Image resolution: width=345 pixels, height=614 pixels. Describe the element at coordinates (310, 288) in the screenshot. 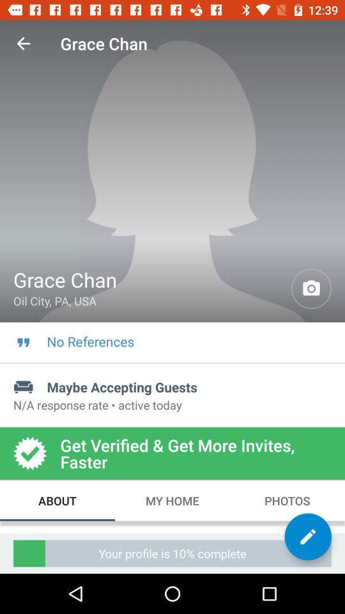

I see `item to the right of grace chan icon` at that location.